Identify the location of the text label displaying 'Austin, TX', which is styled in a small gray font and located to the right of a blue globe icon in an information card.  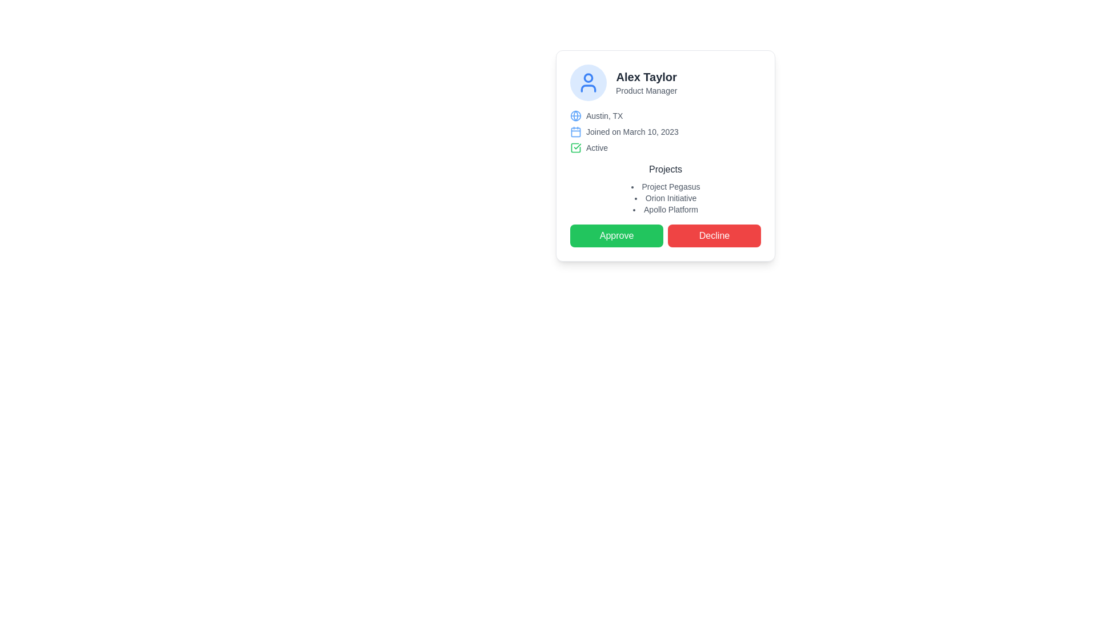
(604, 116).